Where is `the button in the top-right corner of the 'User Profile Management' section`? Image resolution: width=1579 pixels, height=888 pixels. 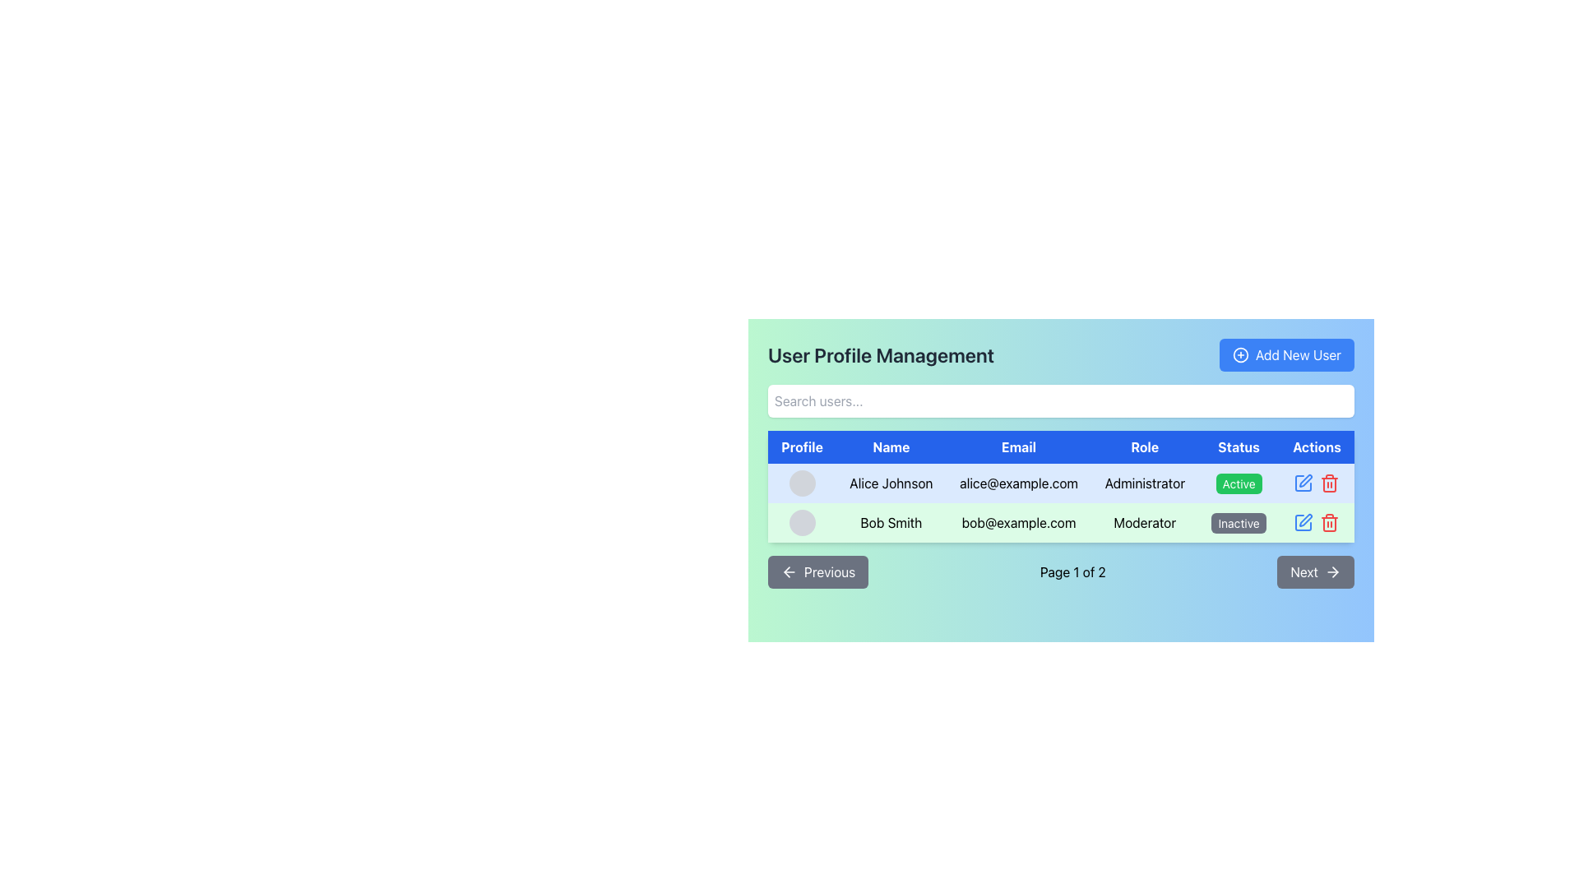 the button in the top-right corner of the 'User Profile Management' section is located at coordinates (1285, 354).